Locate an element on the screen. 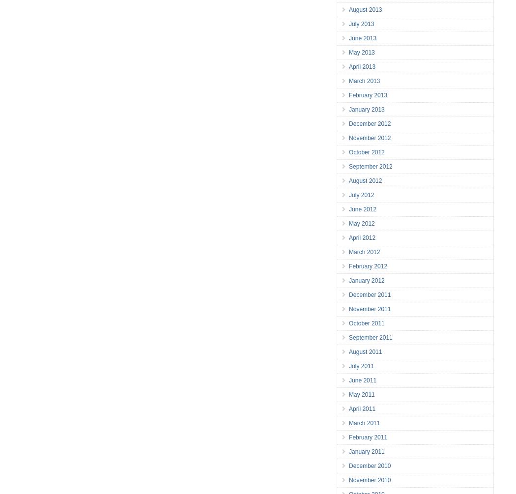 Image resolution: width=516 pixels, height=494 pixels. 'November 2011' is located at coordinates (349, 309).